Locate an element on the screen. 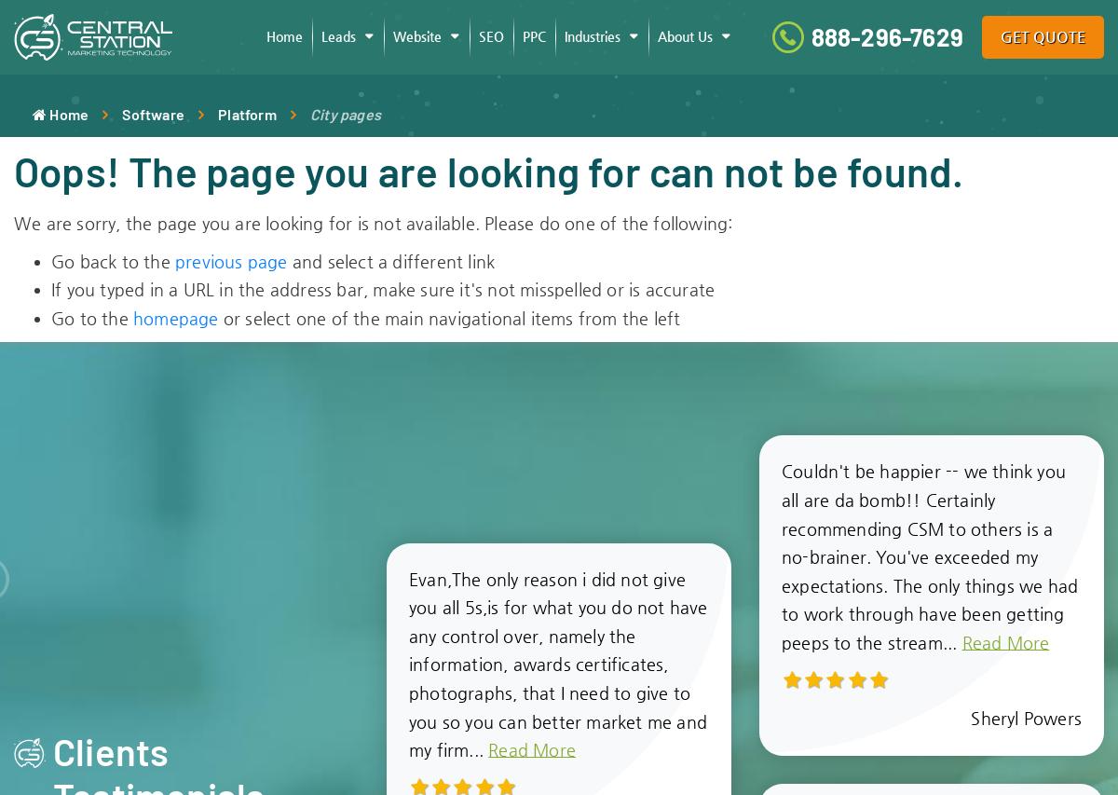  'HVAC' is located at coordinates (590, 159).